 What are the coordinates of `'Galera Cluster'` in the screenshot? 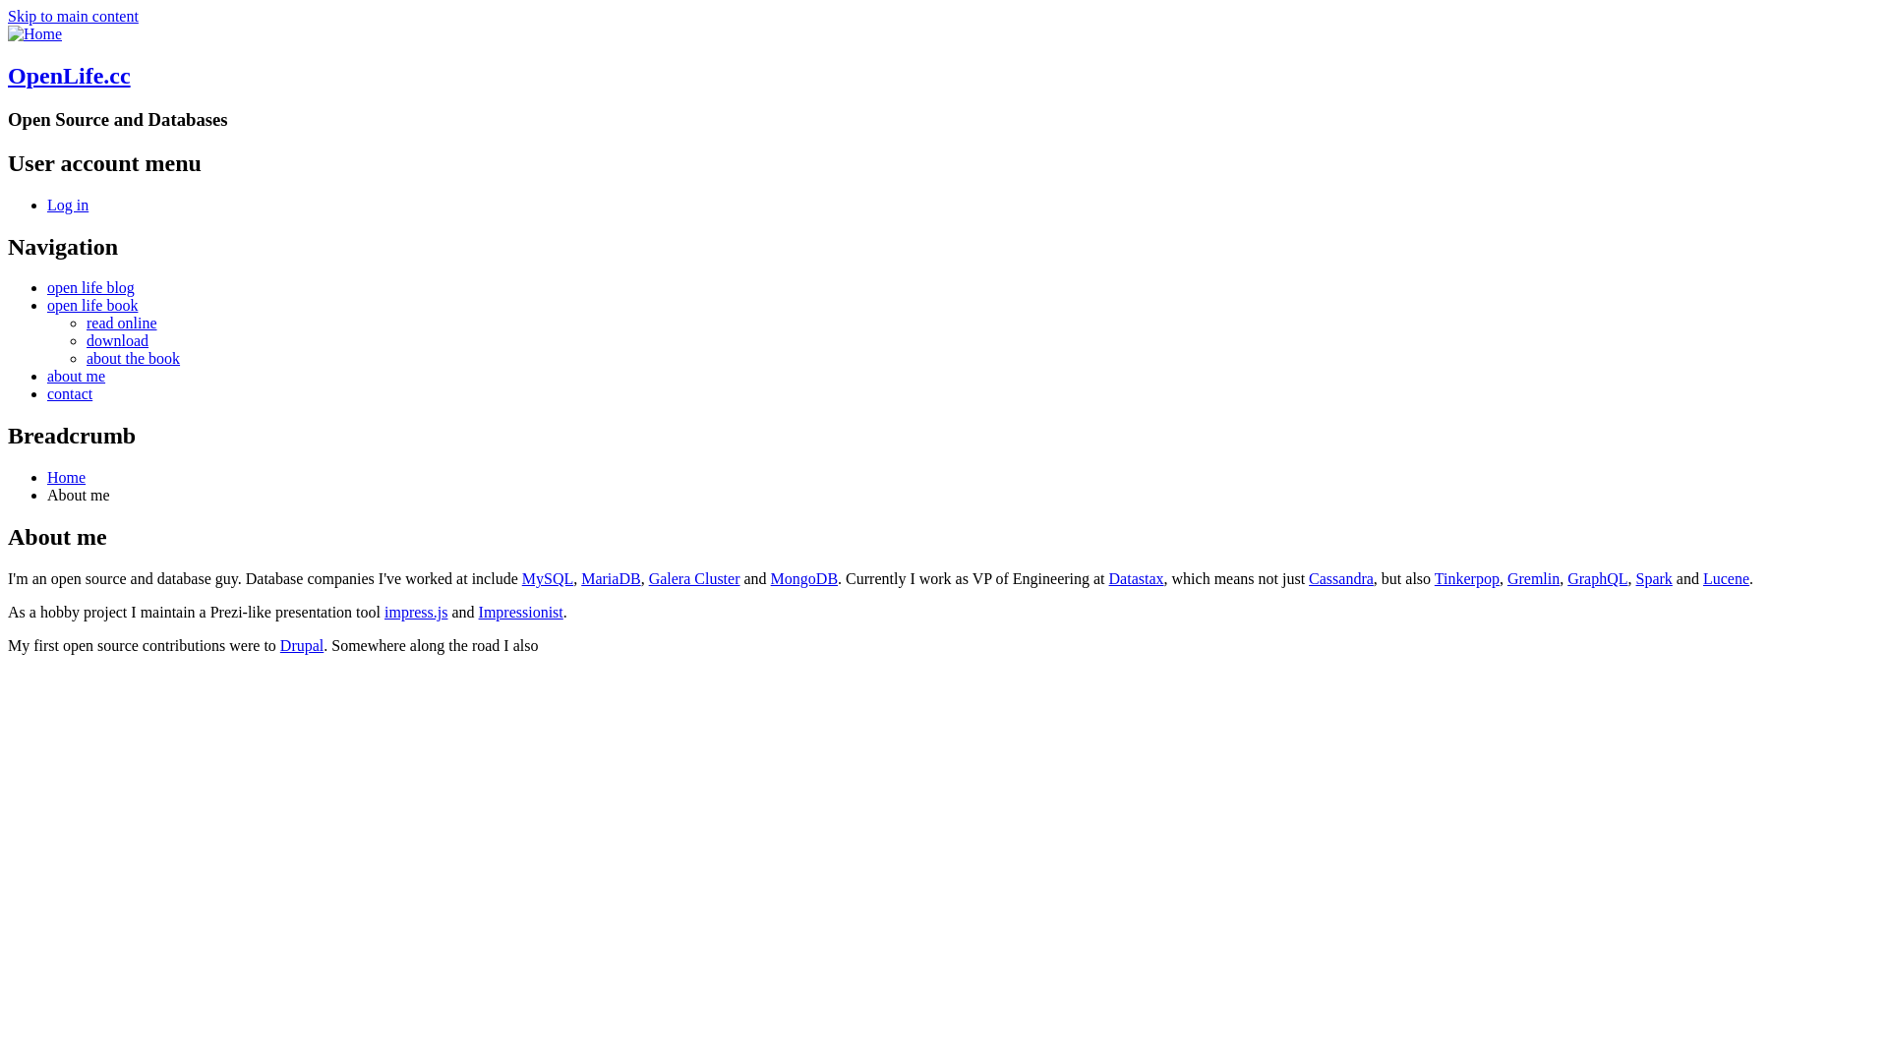 It's located at (694, 577).